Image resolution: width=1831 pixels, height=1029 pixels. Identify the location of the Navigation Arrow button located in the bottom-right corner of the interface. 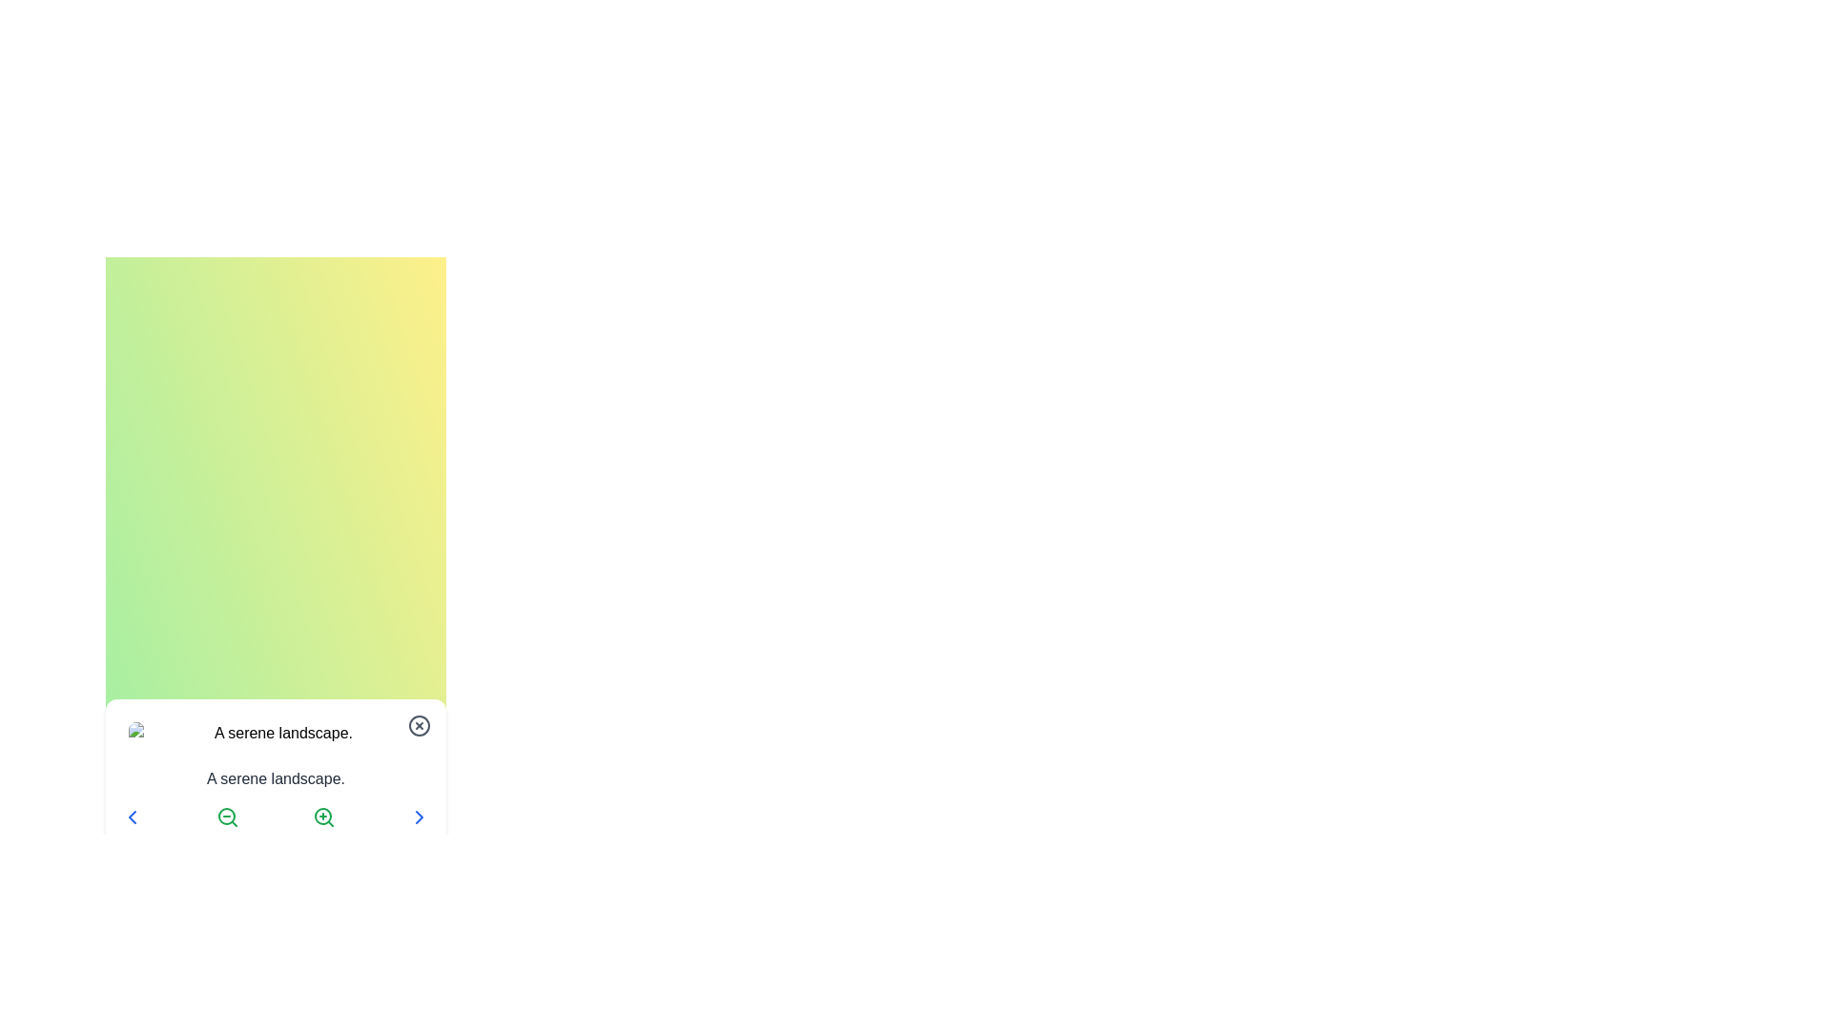
(419, 816).